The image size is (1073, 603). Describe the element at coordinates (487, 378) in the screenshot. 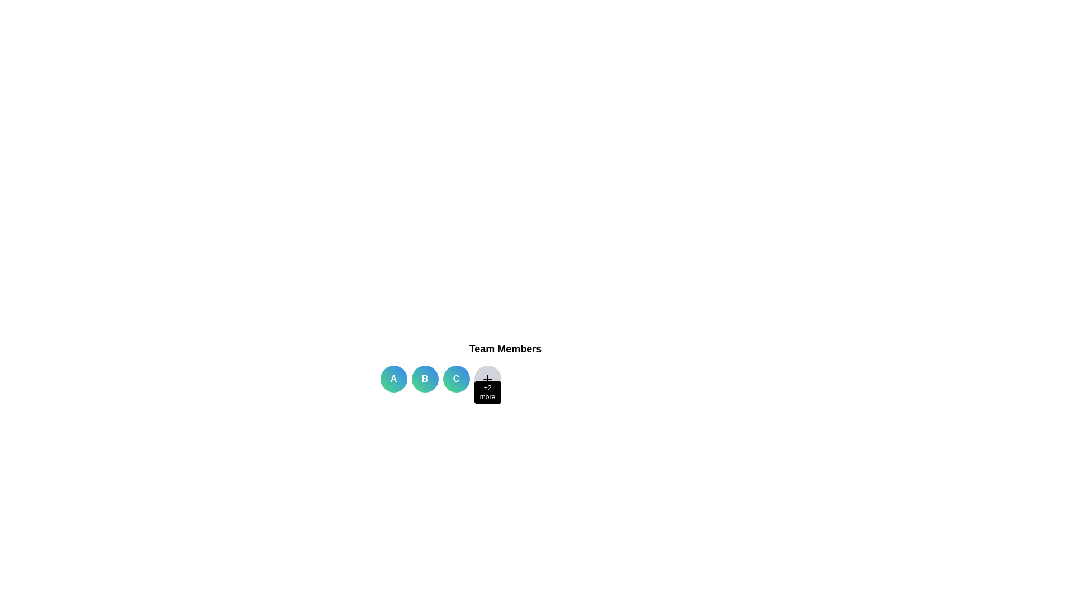

I see `the small circular button with a light gray background and a black 'Plus' symbol` at that location.